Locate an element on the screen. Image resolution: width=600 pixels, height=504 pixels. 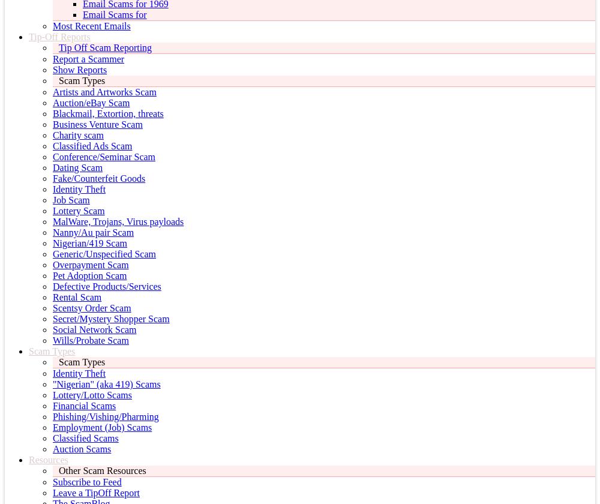
'Resources' is located at coordinates (29, 460).